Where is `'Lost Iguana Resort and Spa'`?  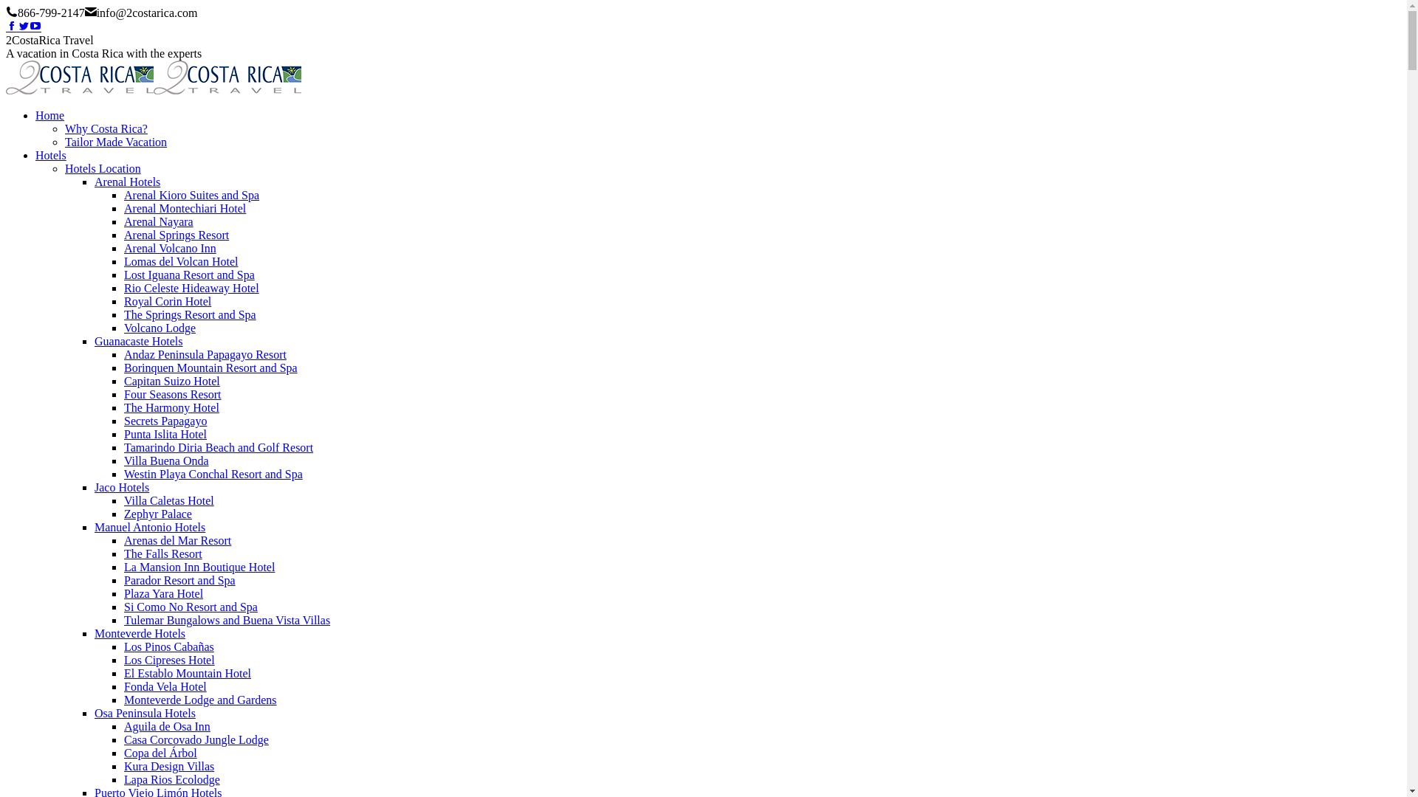 'Lost Iguana Resort and Spa' is located at coordinates (188, 275).